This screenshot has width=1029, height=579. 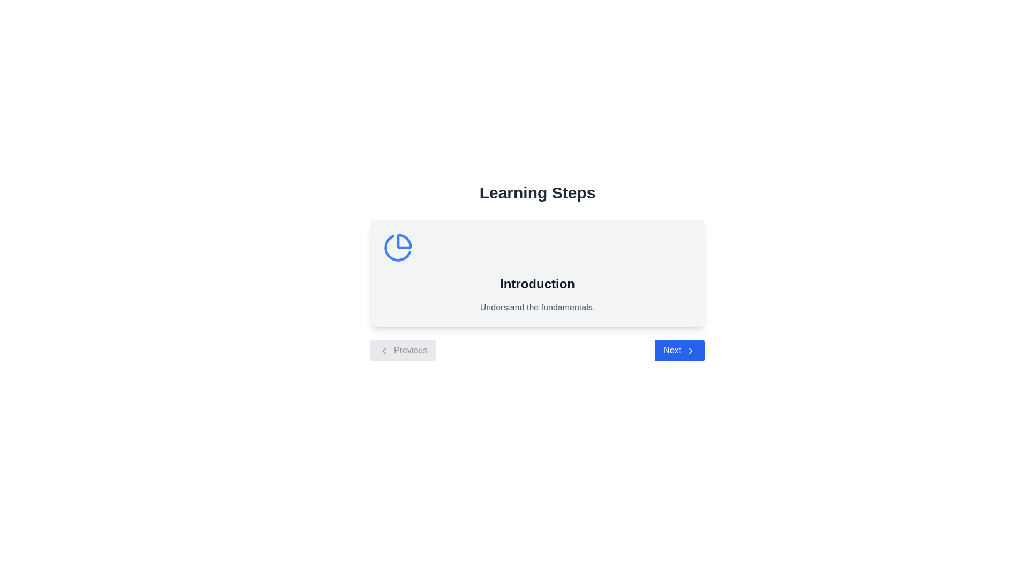 I want to click on the SVG graphic element that symbolizes a pie chart, located before the title 'Introduction', so click(x=397, y=248).